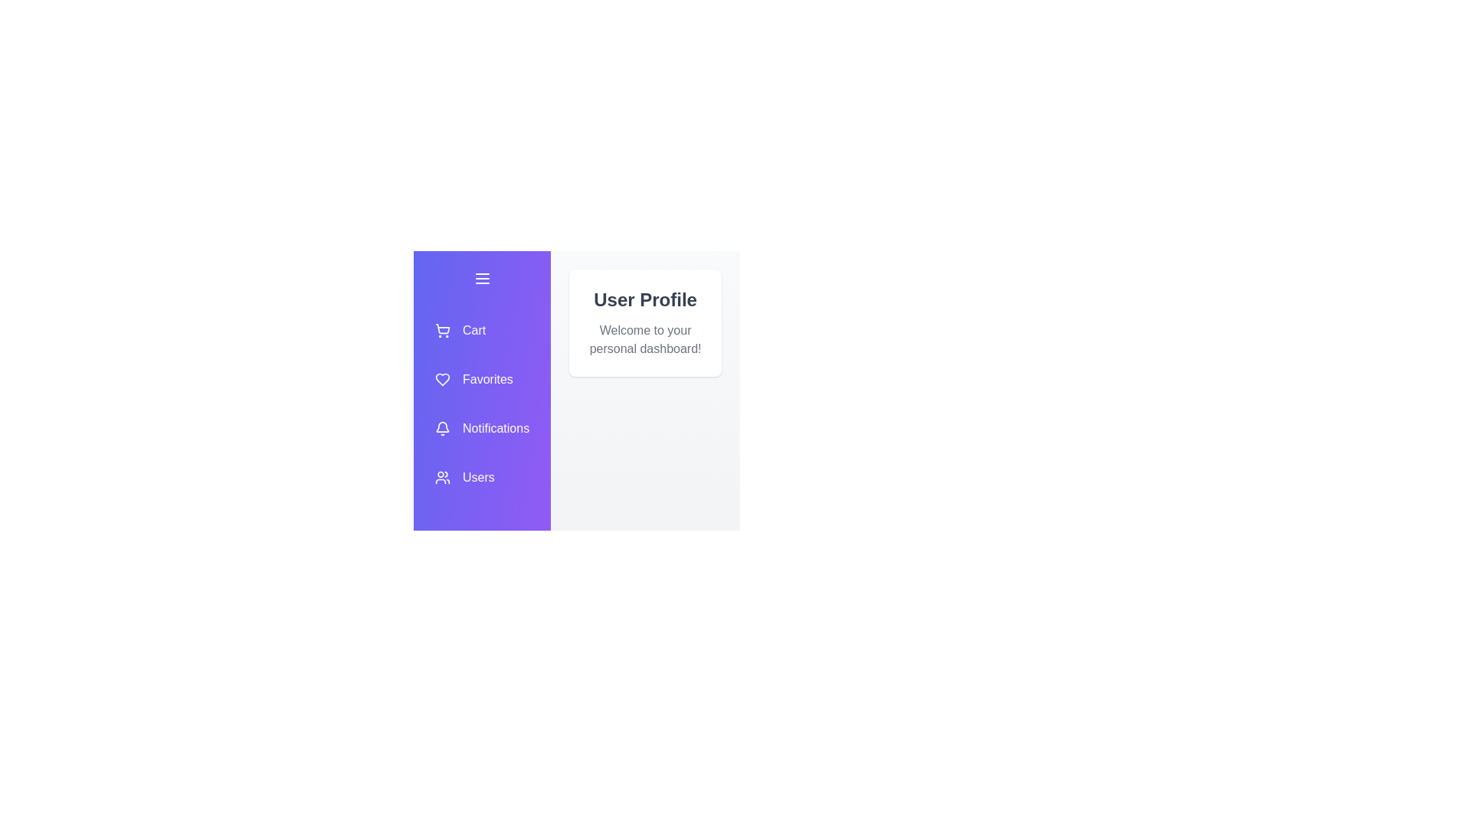 This screenshot has width=1471, height=827. Describe the element at coordinates (480, 278) in the screenshot. I see `the menu button to toggle the drawer open/close state` at that location.